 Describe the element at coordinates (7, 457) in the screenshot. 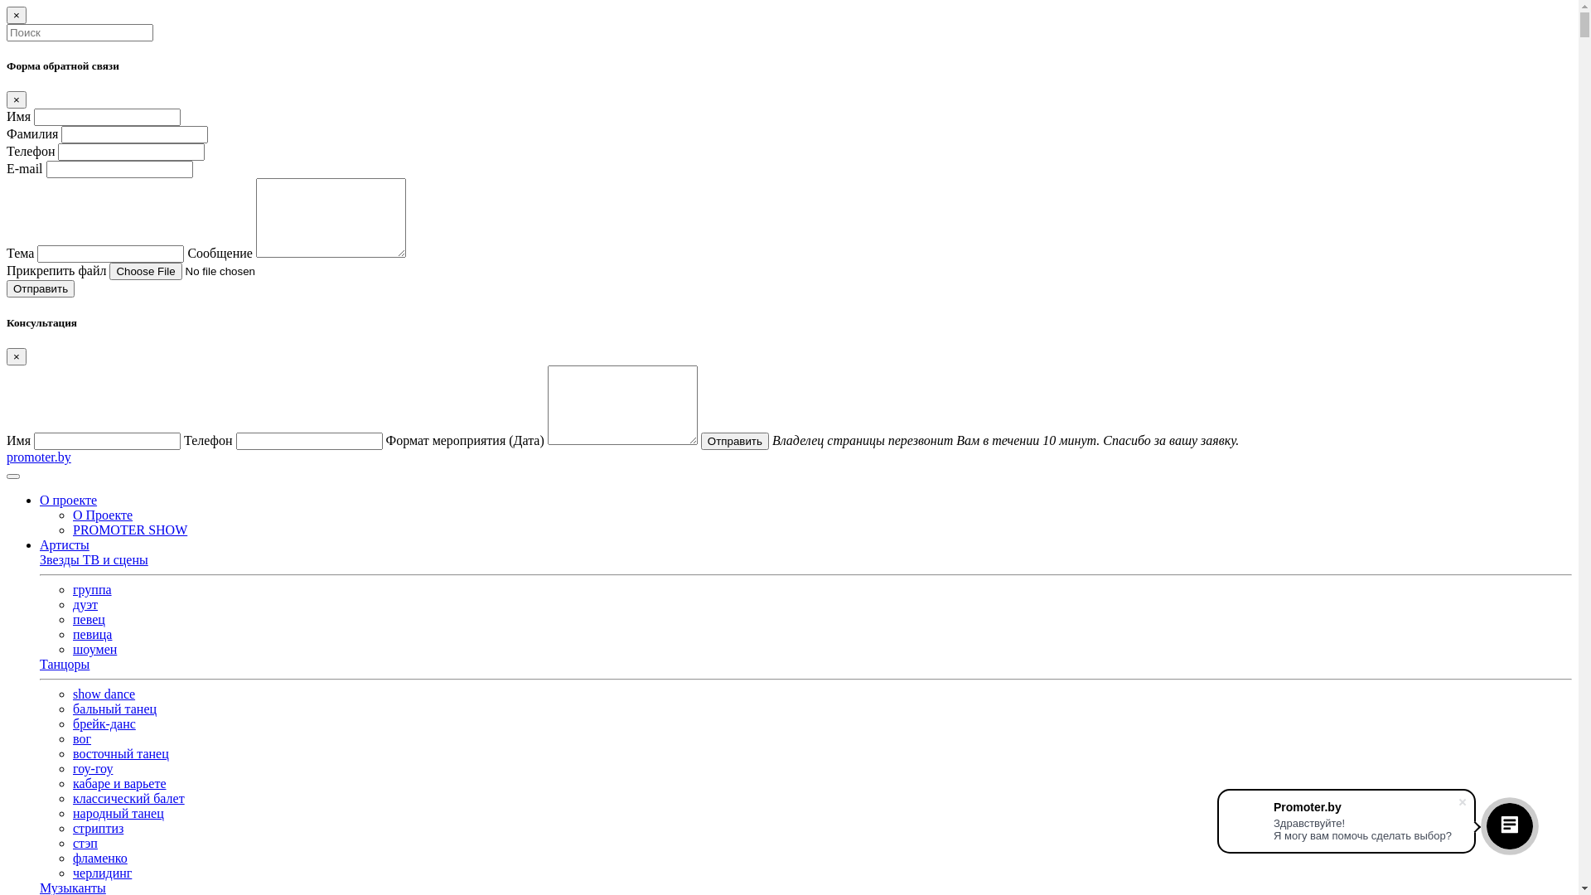

I see `'promoter.by'` at that location.